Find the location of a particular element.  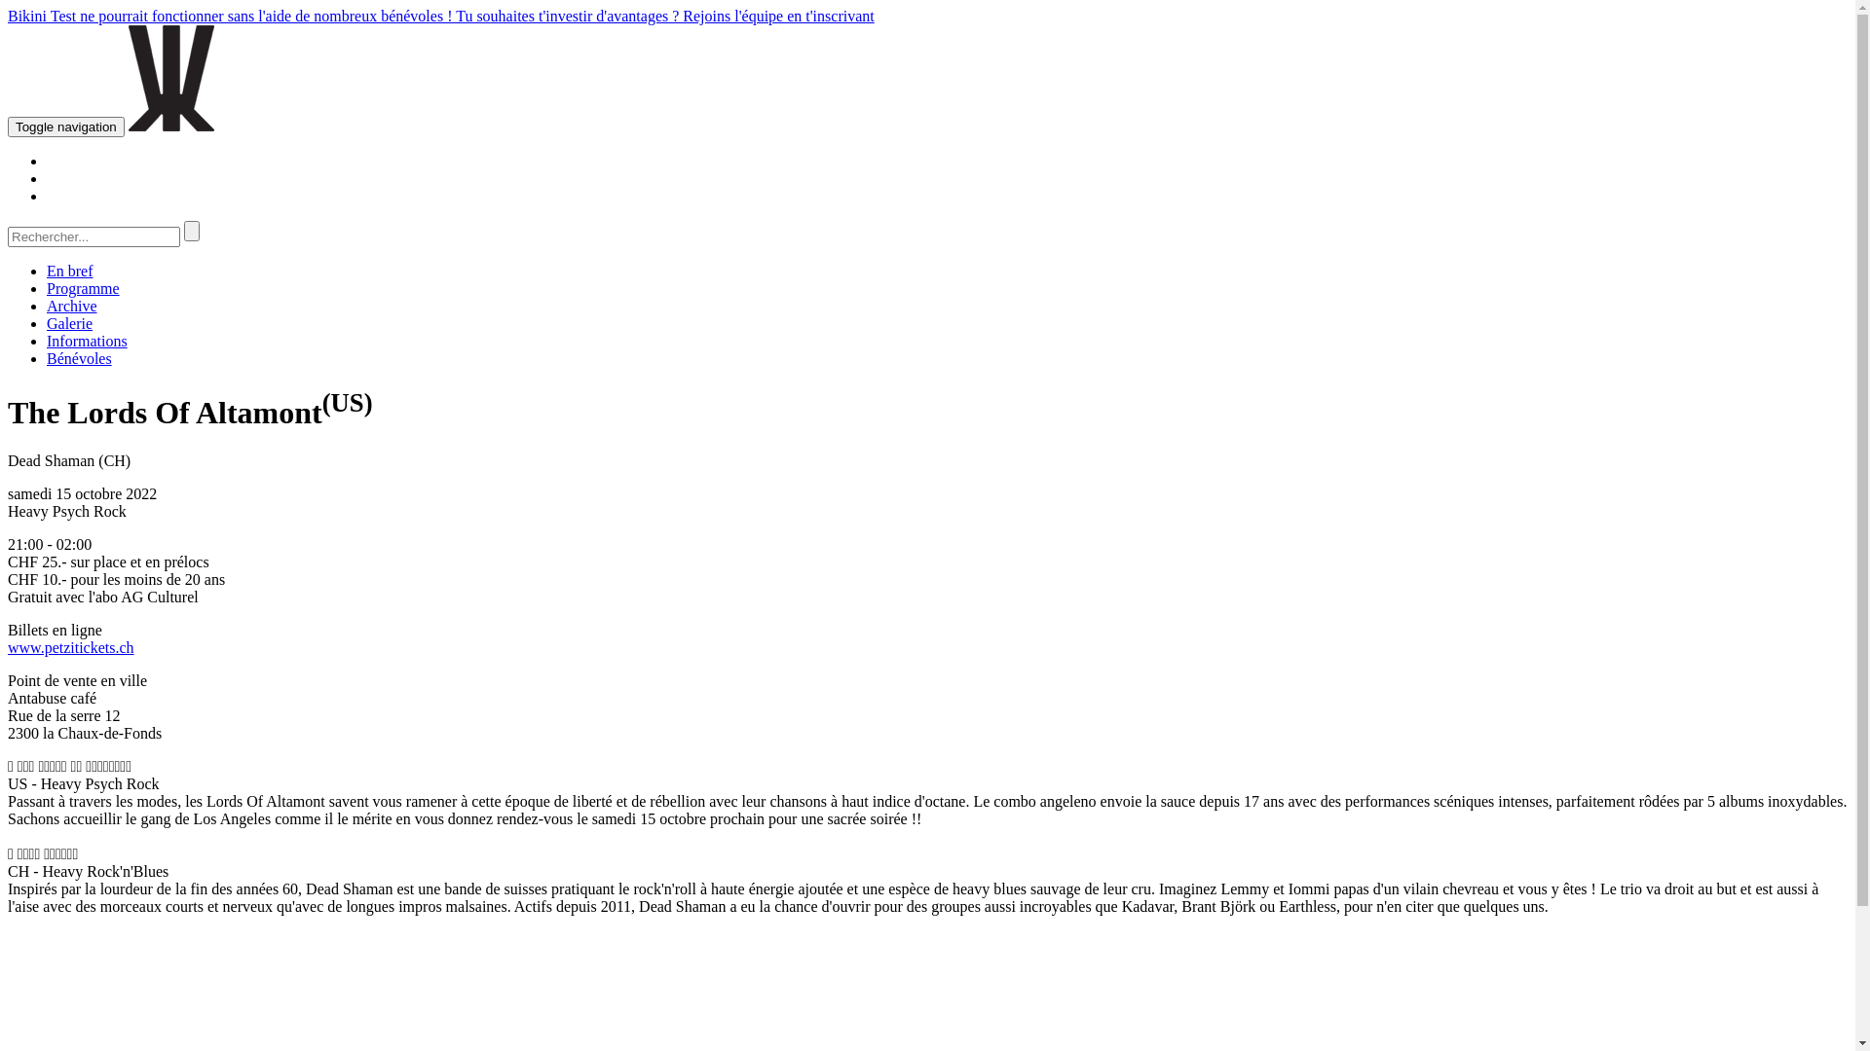

'En bref' is located at coordinates (70, 271).